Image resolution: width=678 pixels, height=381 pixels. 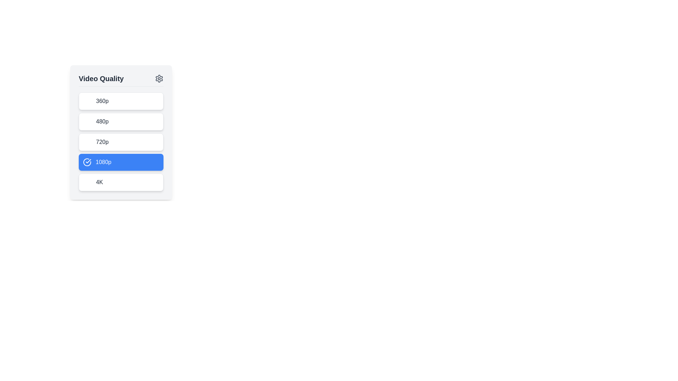 What do you see at coordinates (159, 79) in the screenshot?
I see `the settings icon, which is a gray gear-shaped outline located to the right of the 'Video Quality' text in the top-right corner of the Video Quality section` at bounding box center [159, 79].